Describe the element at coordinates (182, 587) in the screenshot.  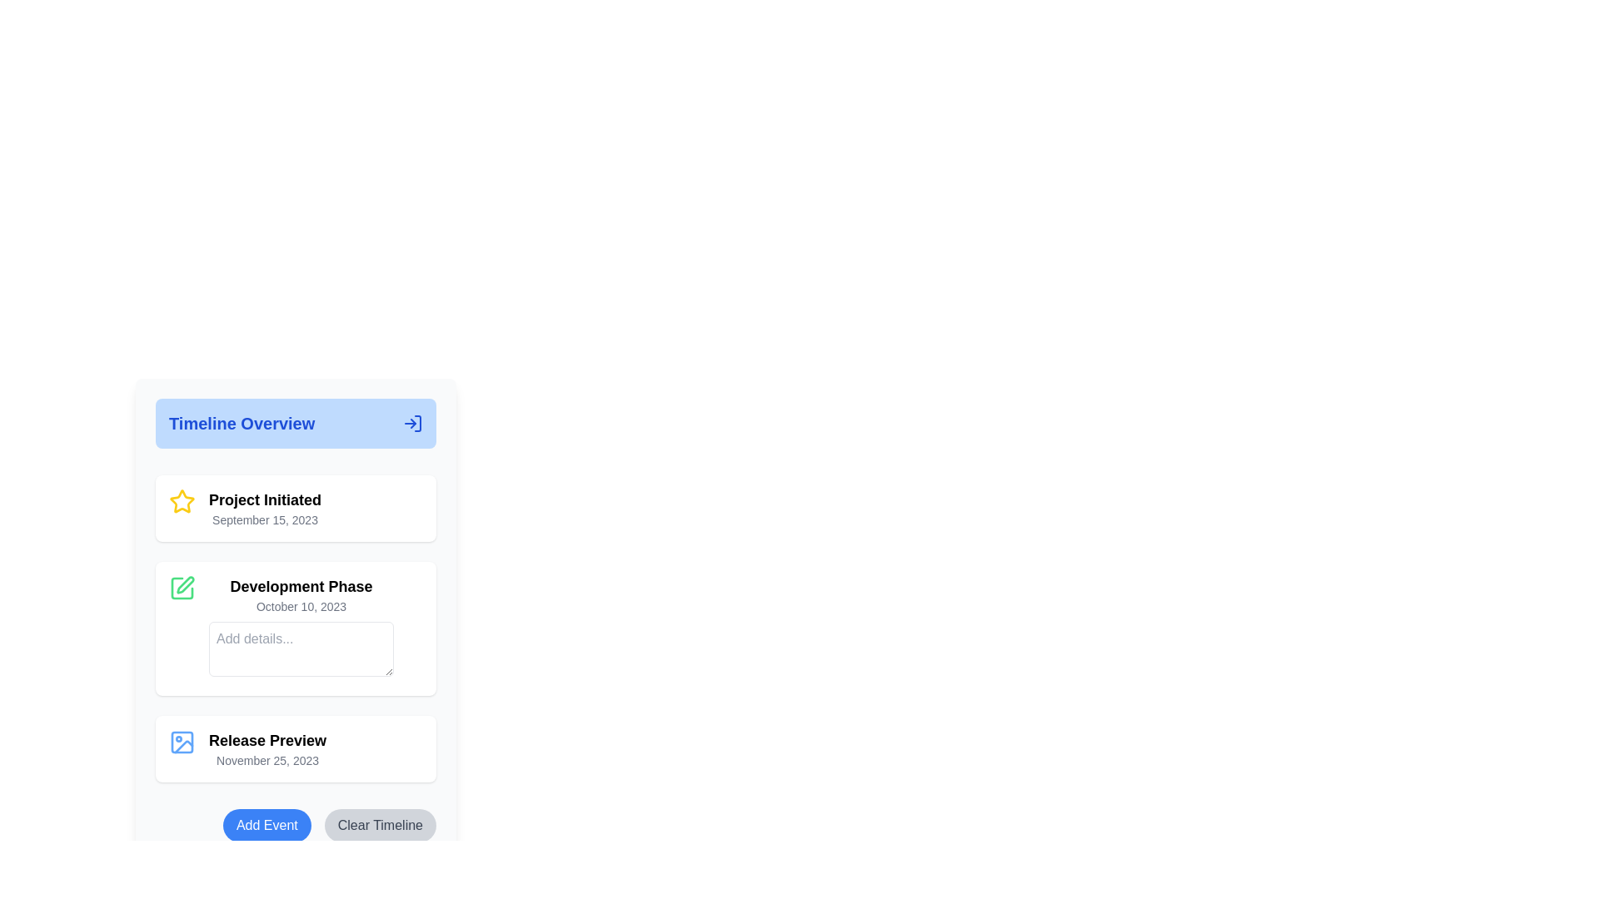
I see `the green pen icon button located in the top-left corner of the 'Development Phase' section` at that location.